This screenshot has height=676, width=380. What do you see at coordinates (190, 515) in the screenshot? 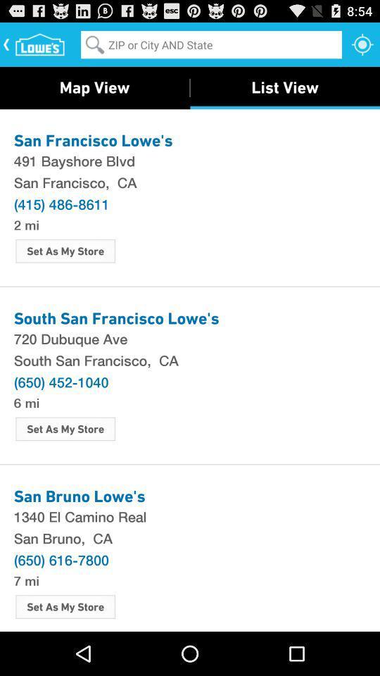
I see `the 1340 el camino icon` at bounding box center [190, 515].